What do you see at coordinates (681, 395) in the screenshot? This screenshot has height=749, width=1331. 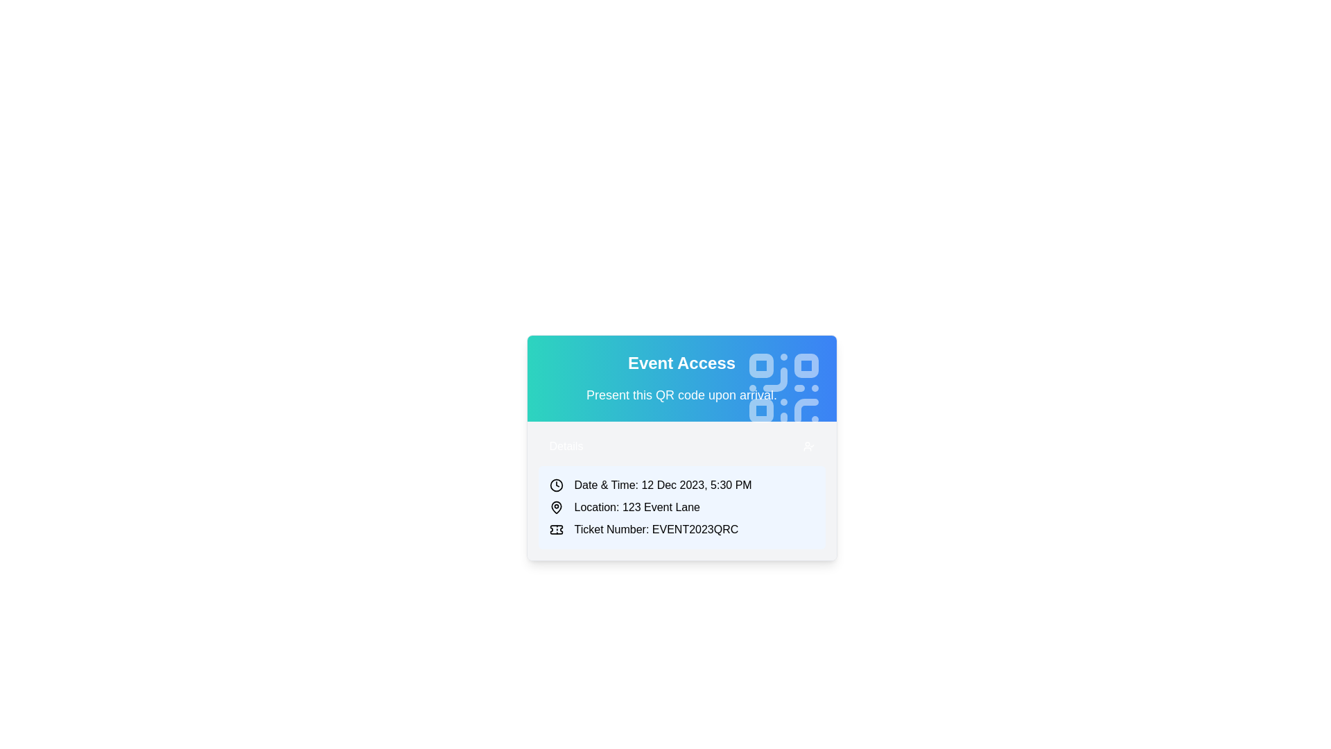 I see `instruction displayed in the text label that says 'Present this QR code upon arrival.' which is styled with white text on a gradient background and positioned below the 'Event Access' label` at bounding box center [681, 395].